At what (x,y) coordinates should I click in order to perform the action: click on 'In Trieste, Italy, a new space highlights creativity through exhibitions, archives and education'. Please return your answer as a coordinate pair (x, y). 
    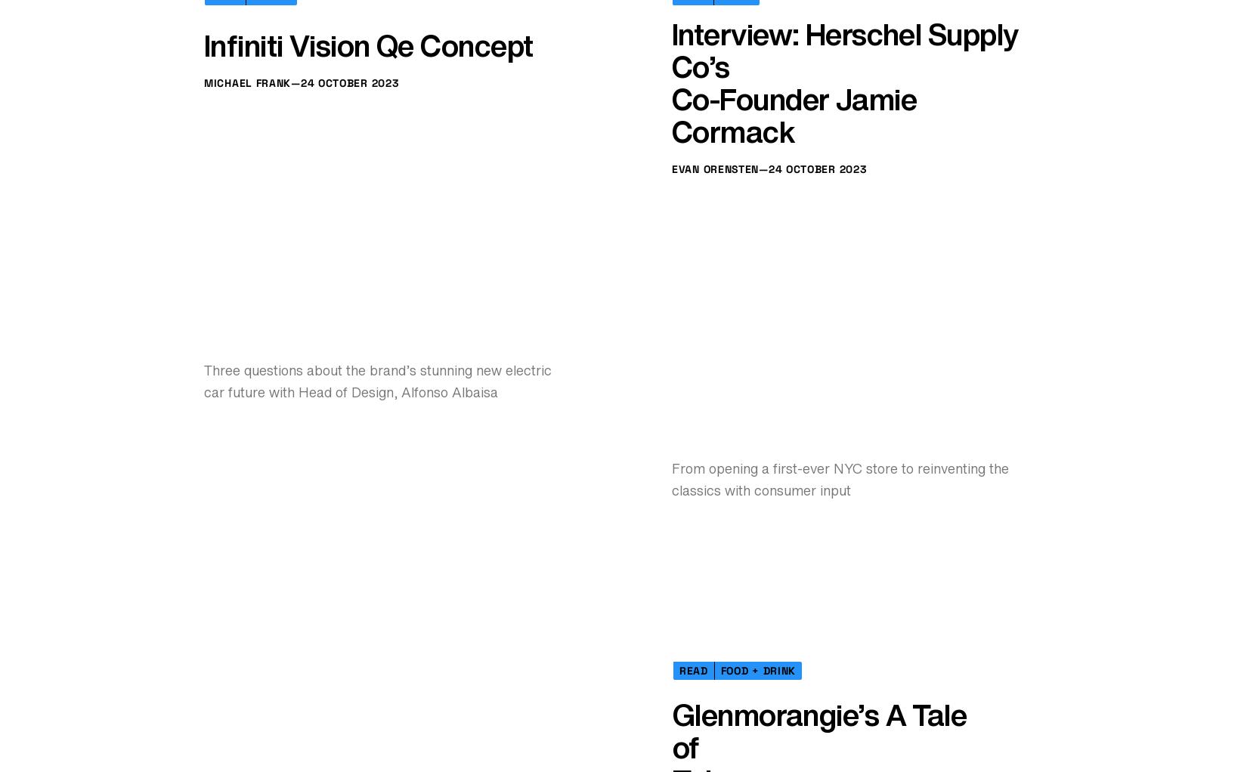
    Looking at the image, I should click on (815, 258).